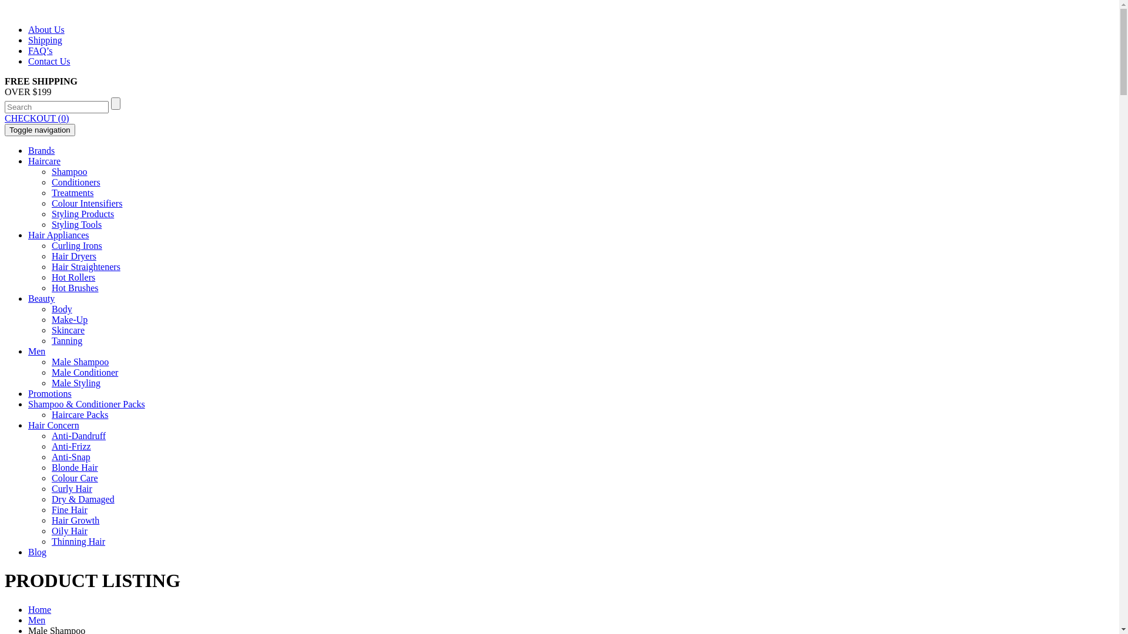 Image resolution: width=1128 pixels, height=634 pixels. What do you see at coordinates (28, 609) in the screenshot?
I see `'Home'` at bounding box center [28, 609].